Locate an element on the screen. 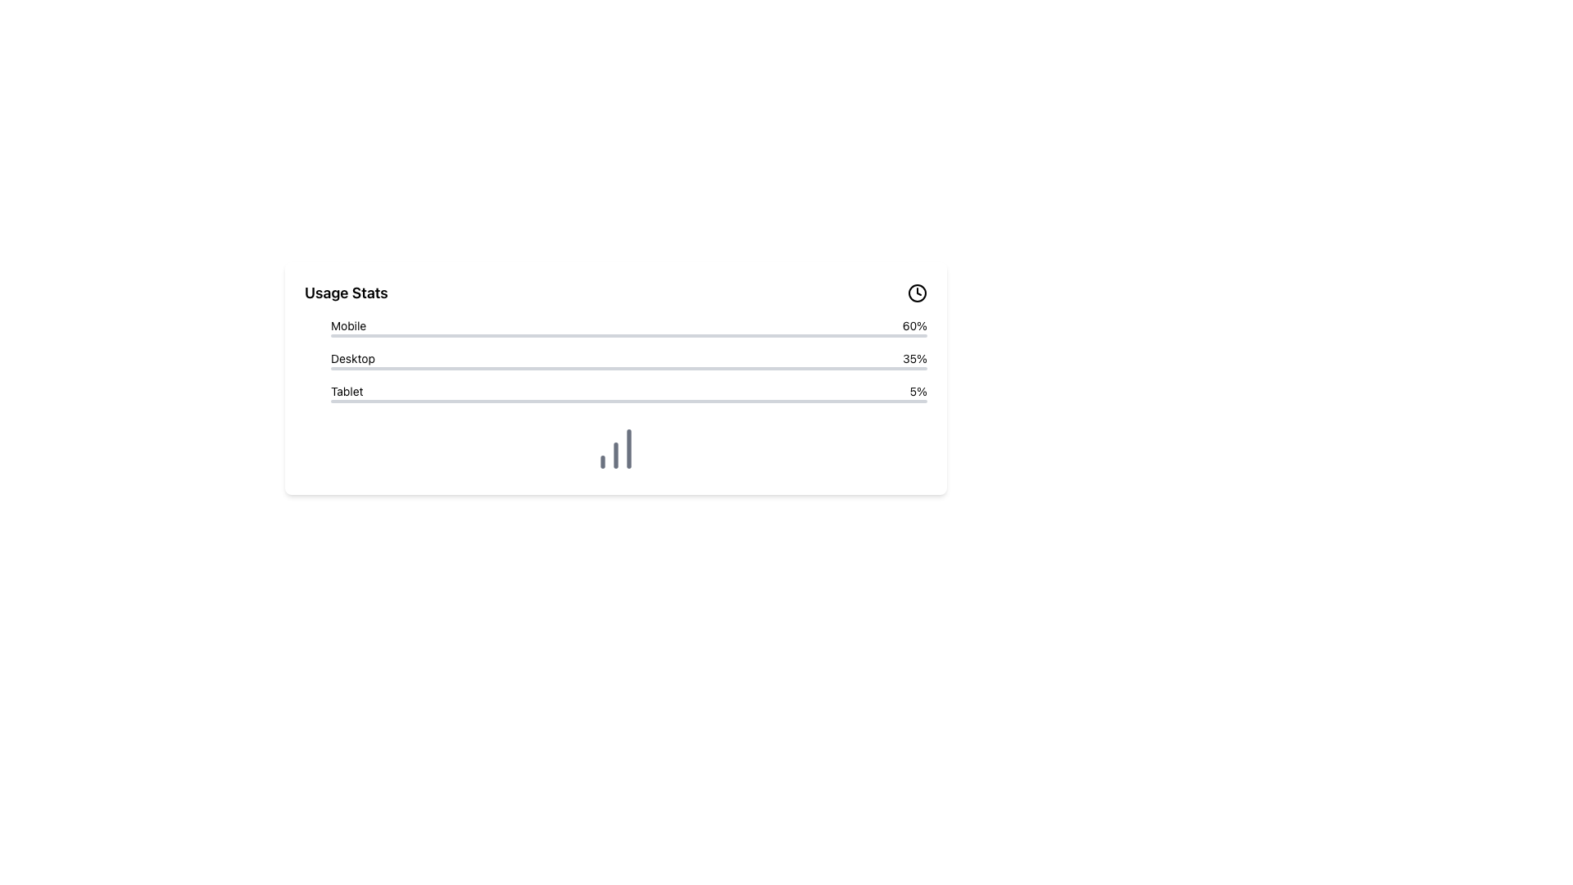 This screenshot has width=1573, height=885. a specific bar in the bar chart located below the usage statistics labeled 'Mobile', 'Desktop', and 'Tablet' is located at coordinates (615, 448).